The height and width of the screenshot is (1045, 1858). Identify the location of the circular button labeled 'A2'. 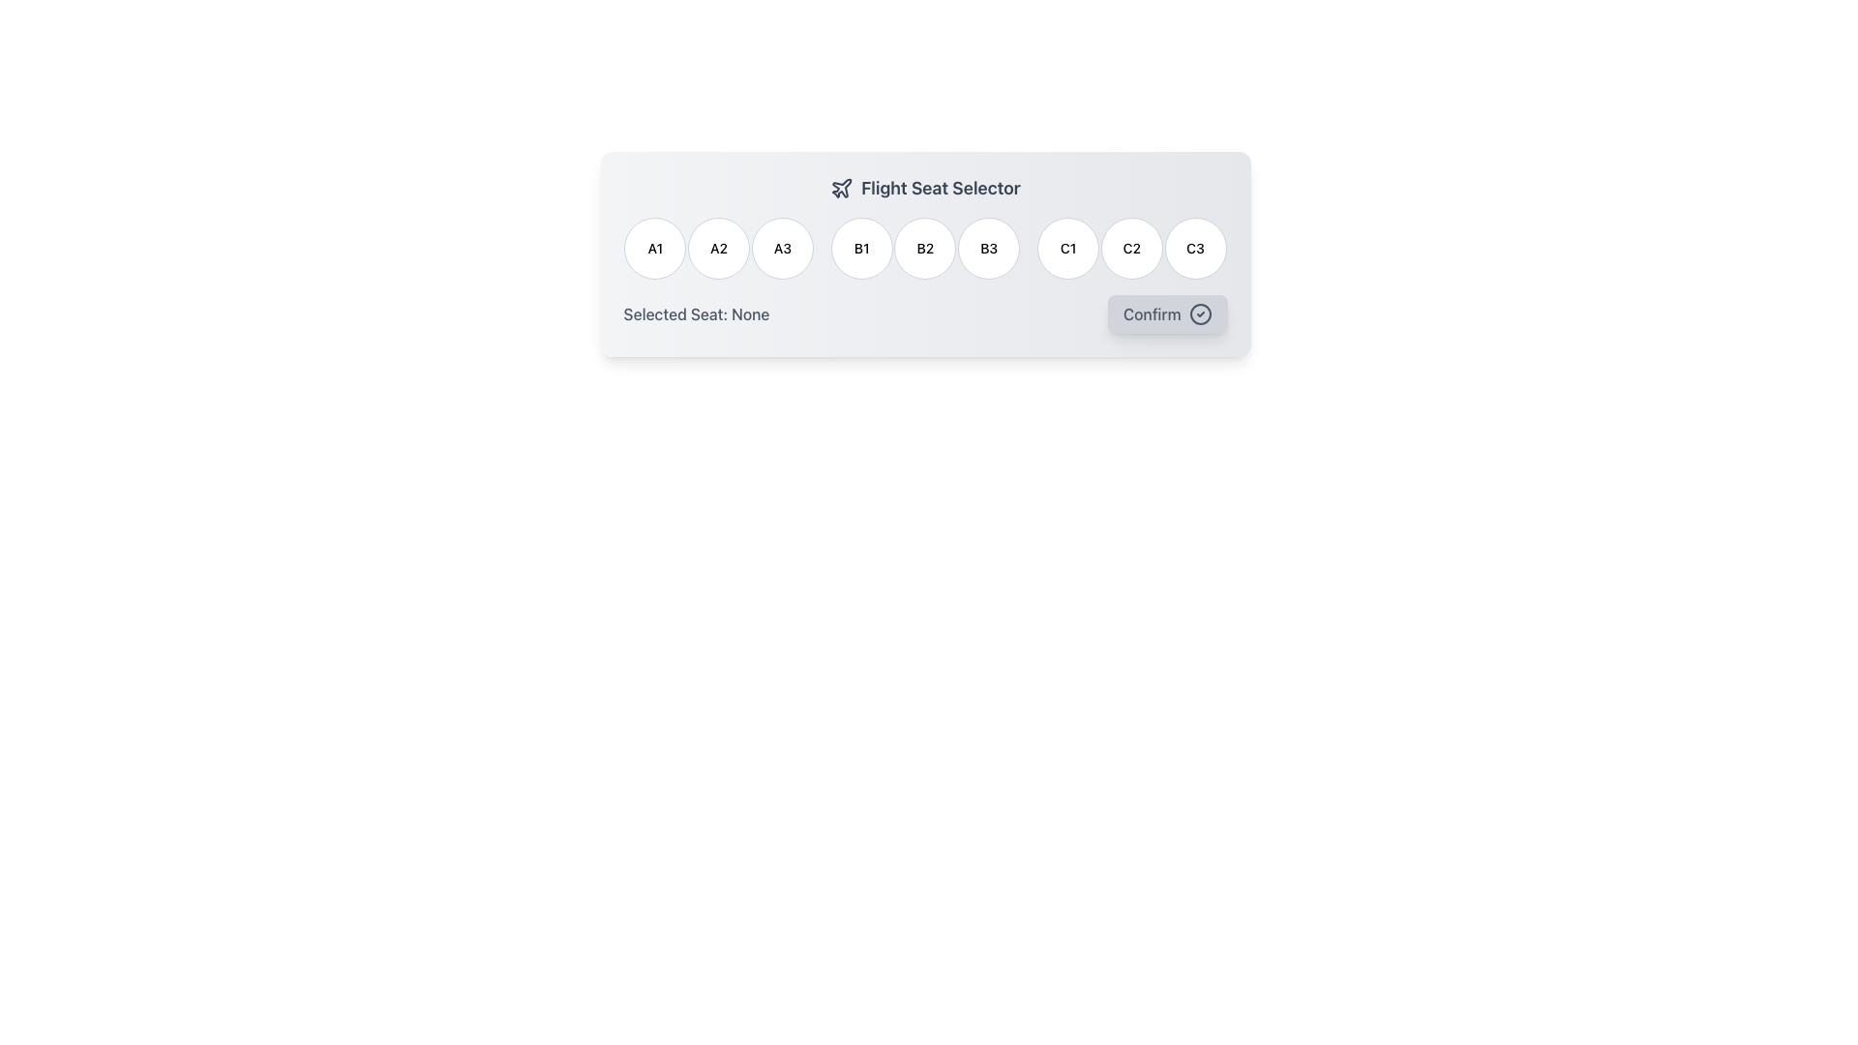
(718, 248).